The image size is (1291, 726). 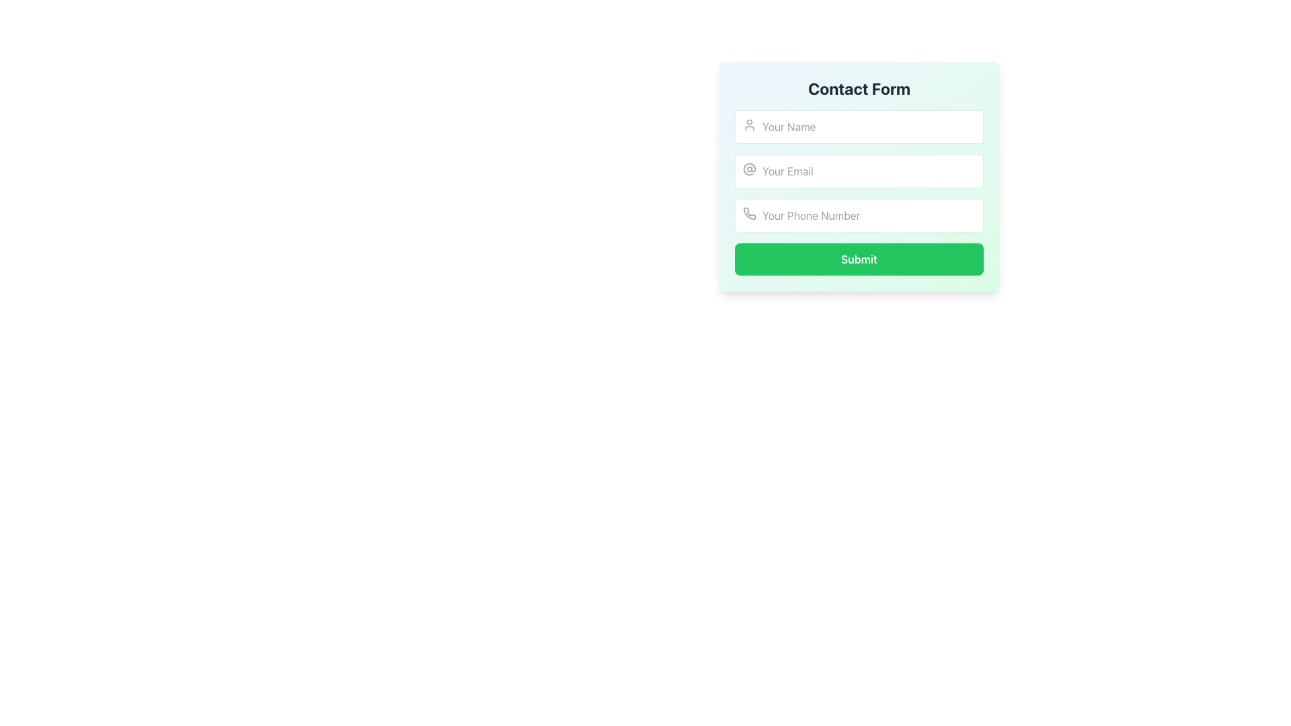 What do you see at coordinates (858, 259) in the screenshot?
I see `the submit button located below the input fields for 'Your Name', 'Your Email', and 'Your Phone Number' to trigger hover effects` at bounding box center [858, 259].